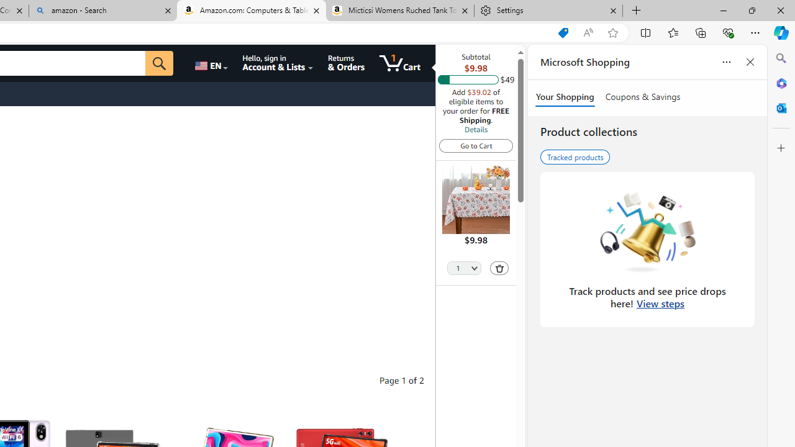  What do you see at coordinates (499, 267) in the screenshot?
I see `'Delete'` at bounding box center [499, 267].